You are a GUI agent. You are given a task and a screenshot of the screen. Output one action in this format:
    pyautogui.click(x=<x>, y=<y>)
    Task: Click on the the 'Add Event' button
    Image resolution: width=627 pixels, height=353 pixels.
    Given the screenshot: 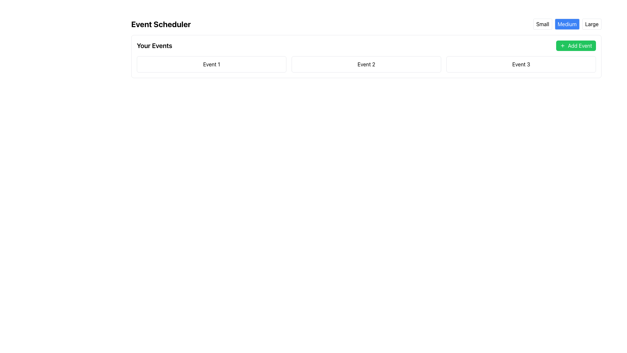 What is the action you would take?
    pyautogui.click(x=576, y=45)
    